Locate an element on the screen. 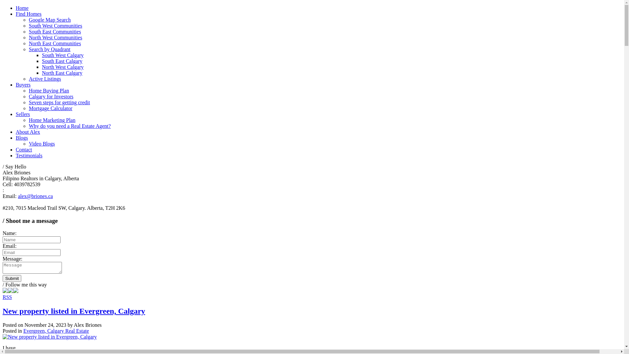 Image resolution: width=629 pixels, height=354 pixels. 'Buyers' is located at coordinates (23, 84).